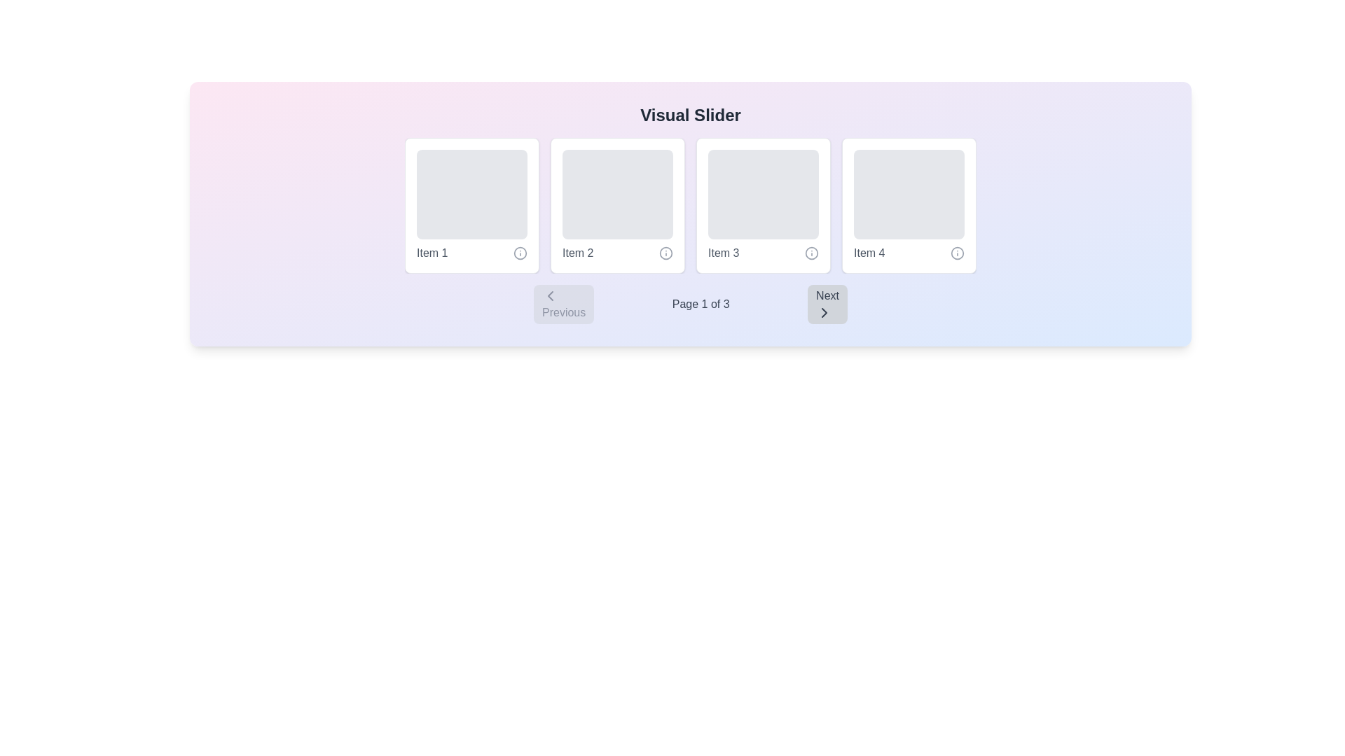 Image resolution: width=1345 pixels, height=756 pixels. What do you see at coordinates (811, 253) in the screenshot?
I see `the central larger circle of the 'info' icon, which is the third icon in the row associated with 'Item 3', located below the visual slider component` at bounding box center [811, 253].